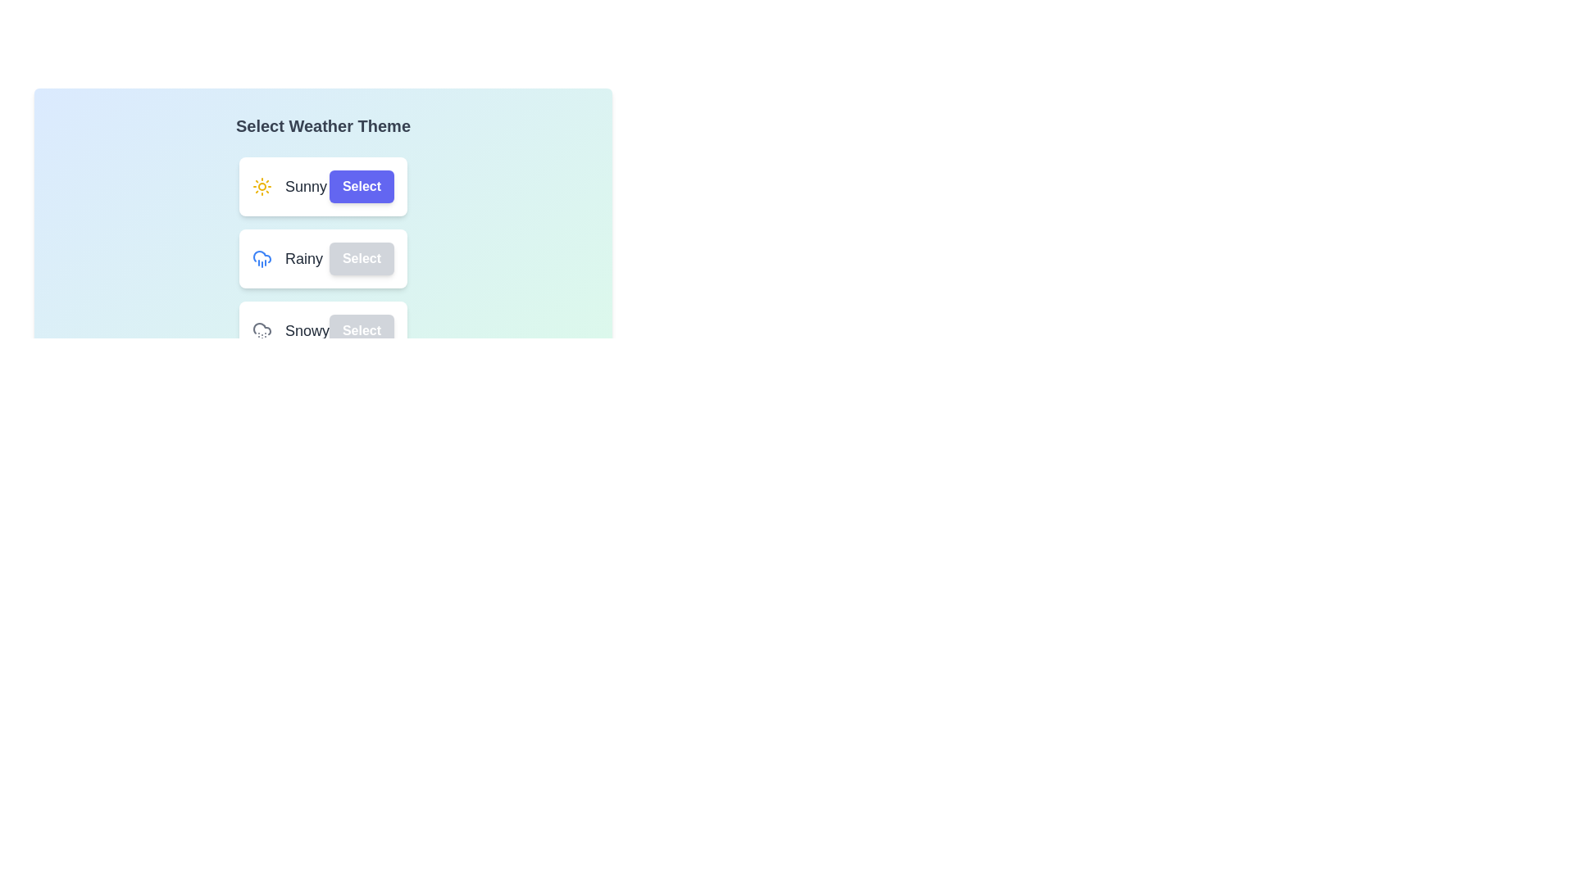  I want to click on the 'Select' button corresponding to the weather theme Sunny, so click(361, 185).